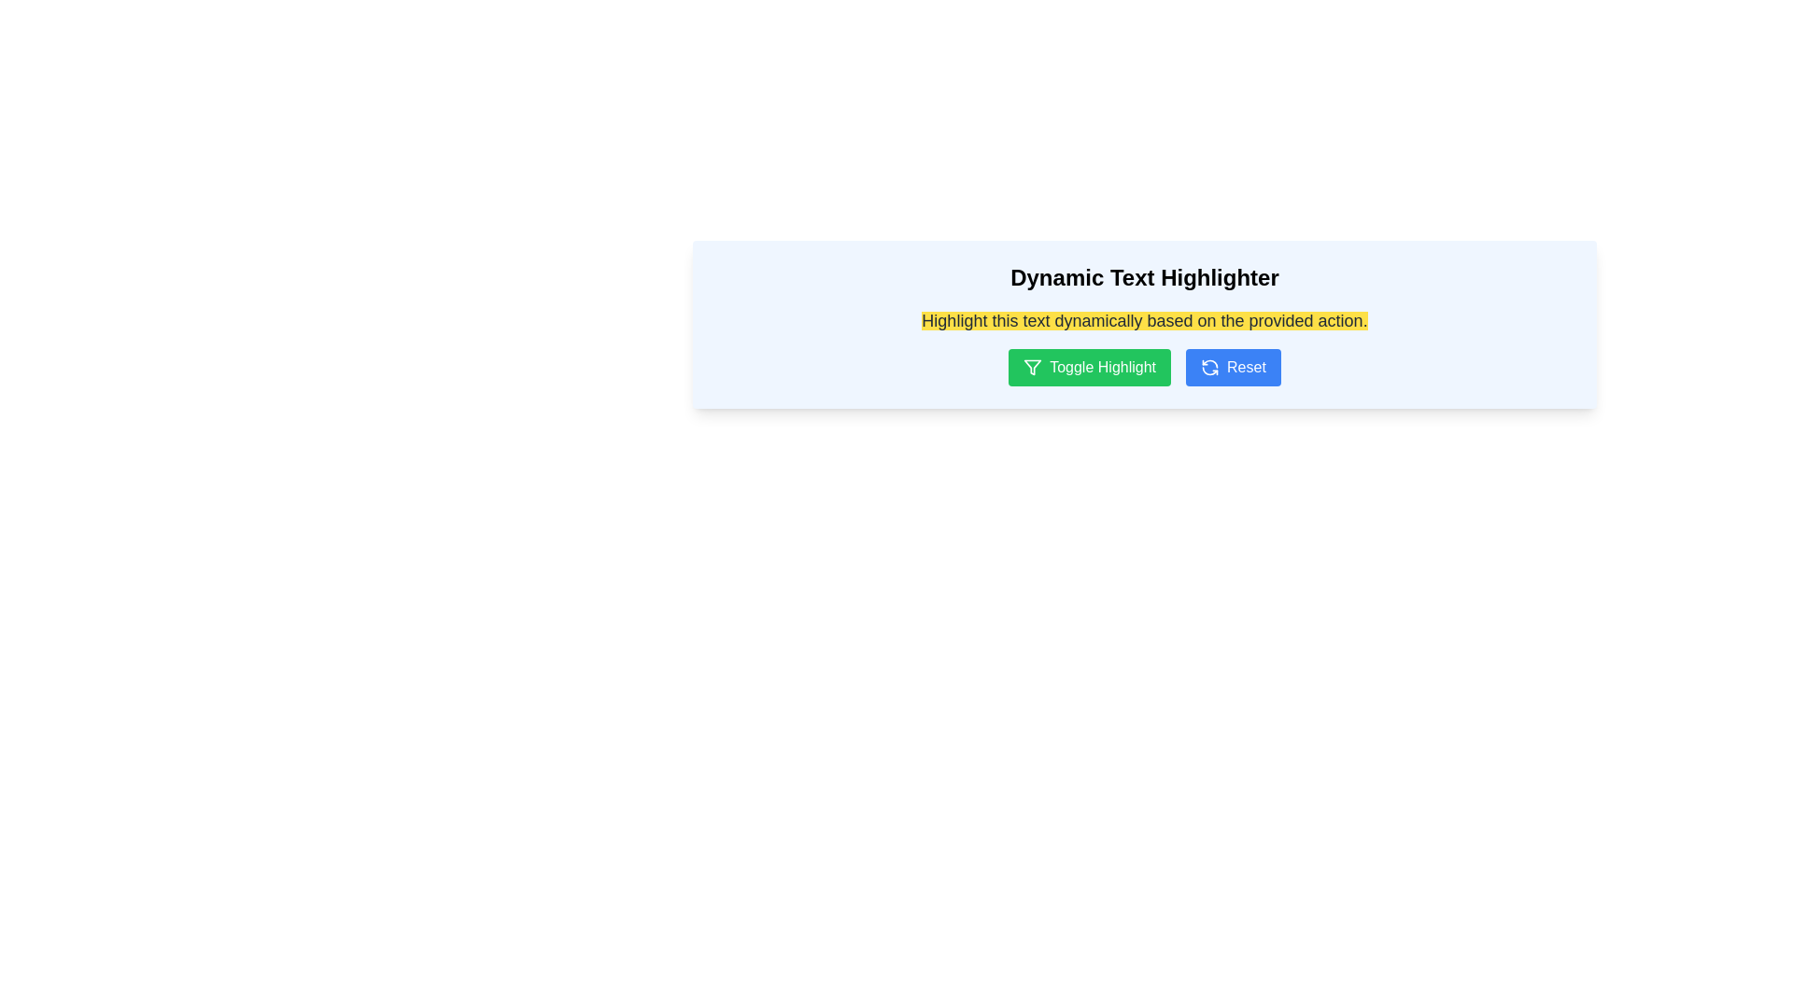  I want to click on the 'Toggle Highlight' button which contains the Icon (SVG) on its left side, located below the instruction text 'Highlight this text dynamically based on the provided action.', so click(1032, 367).